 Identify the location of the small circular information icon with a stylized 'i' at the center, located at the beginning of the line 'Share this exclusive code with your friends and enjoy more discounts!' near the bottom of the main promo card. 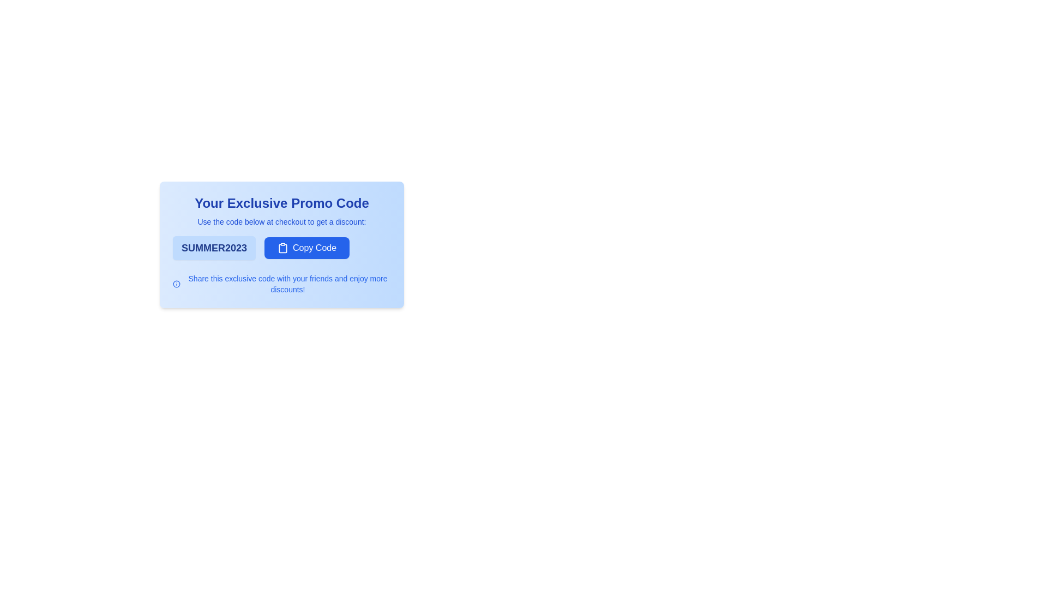
(177, 283).